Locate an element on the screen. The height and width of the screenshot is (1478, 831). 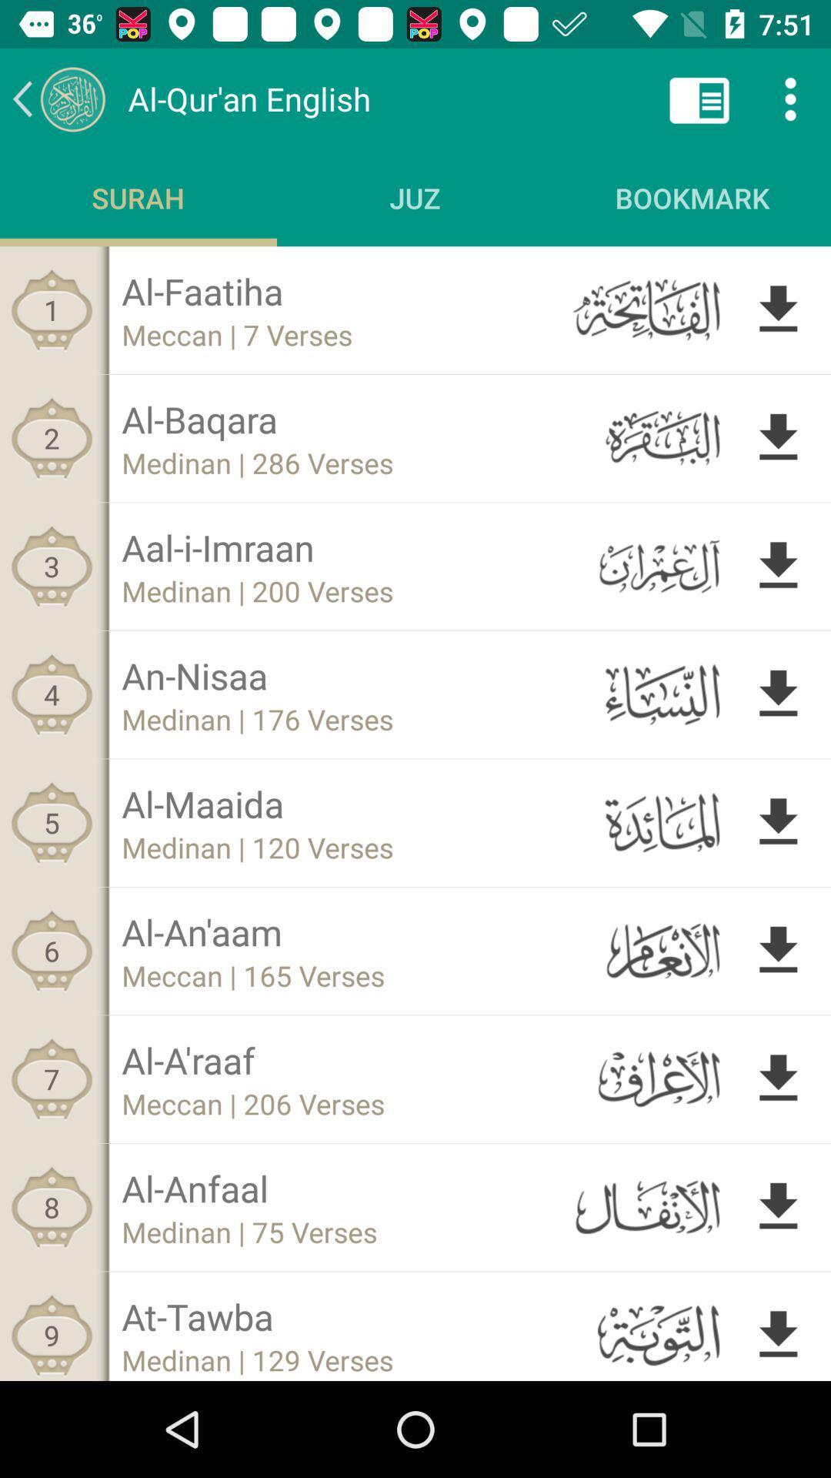
download is located at coordinates (778, 1331).